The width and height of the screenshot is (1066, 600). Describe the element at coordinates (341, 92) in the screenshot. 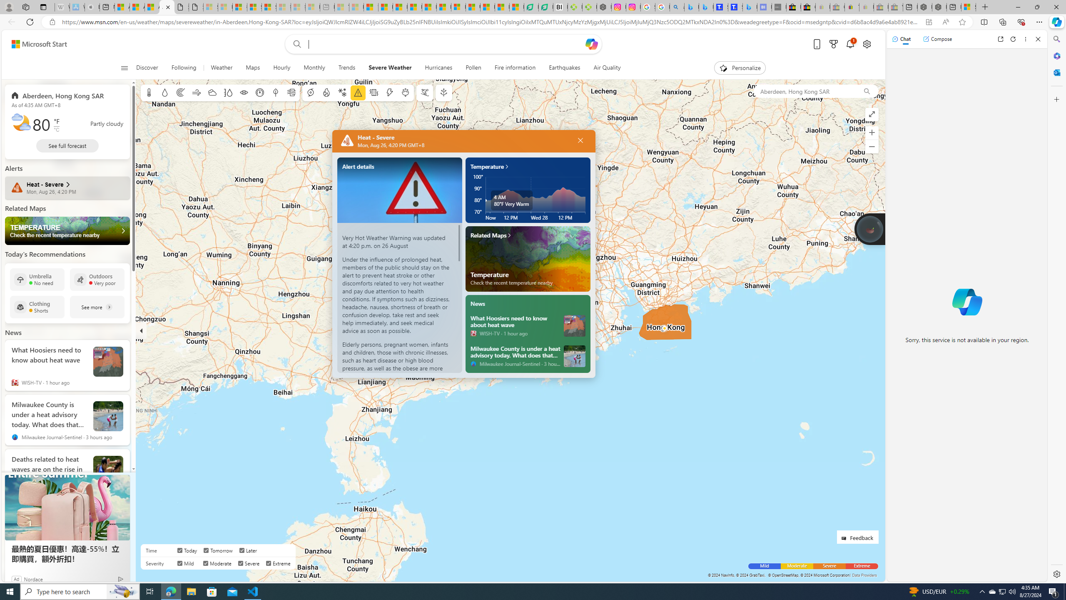

I see `'Winter weather'` at that location.